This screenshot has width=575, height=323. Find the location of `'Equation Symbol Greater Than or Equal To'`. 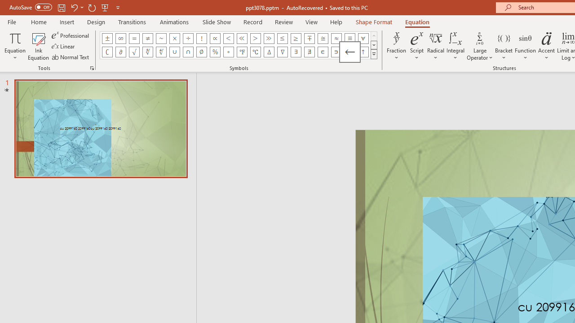

'Equation Symbol Greater Than or Equal To' is located at coordinates (296, 38).